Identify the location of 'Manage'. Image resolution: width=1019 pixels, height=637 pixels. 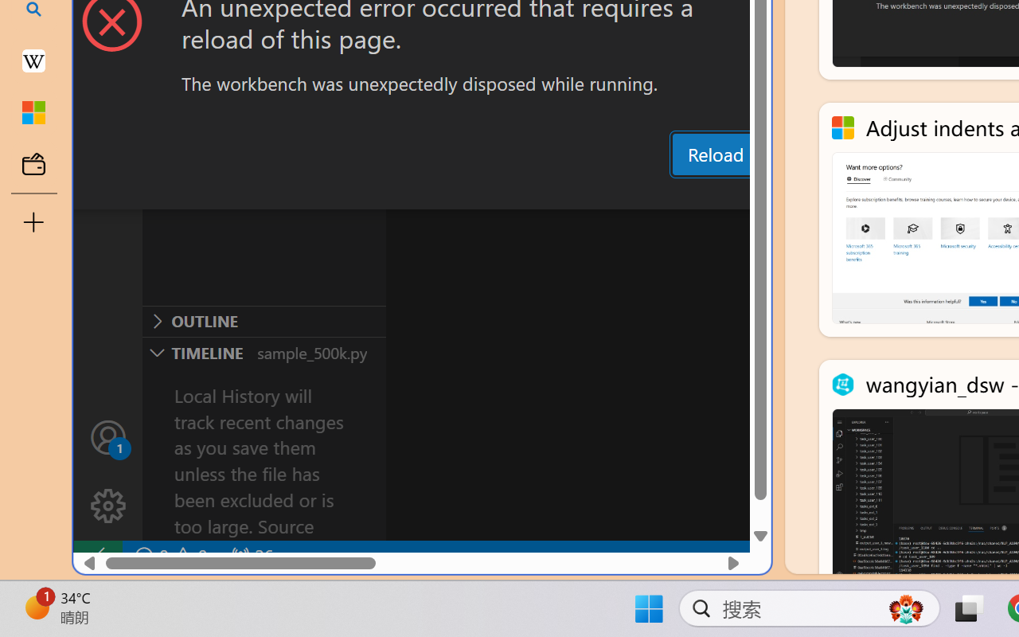
(107, 505).